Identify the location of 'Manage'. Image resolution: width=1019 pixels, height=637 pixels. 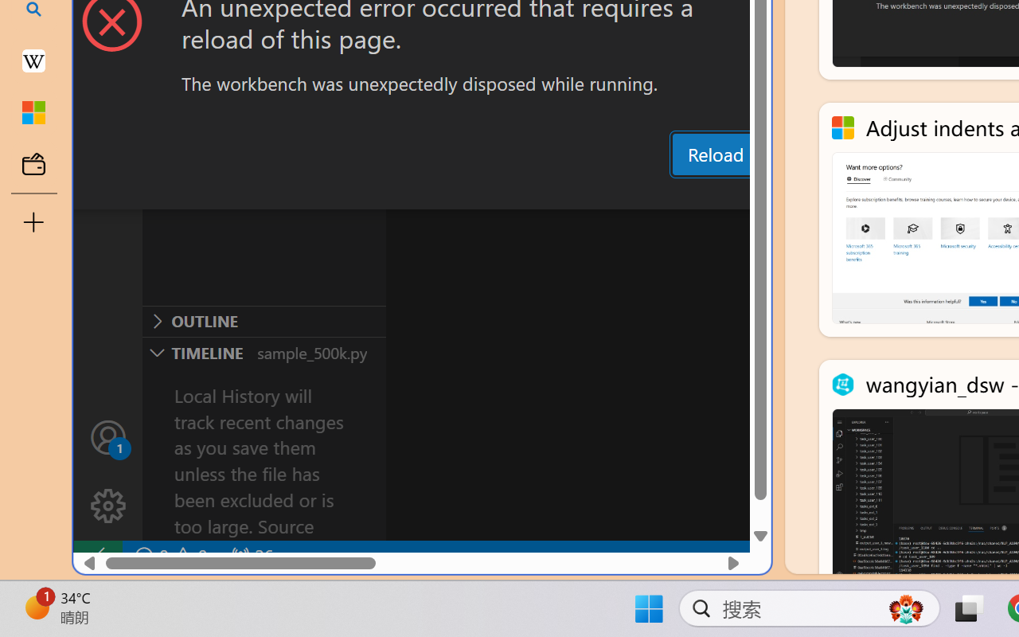
(107, 505).